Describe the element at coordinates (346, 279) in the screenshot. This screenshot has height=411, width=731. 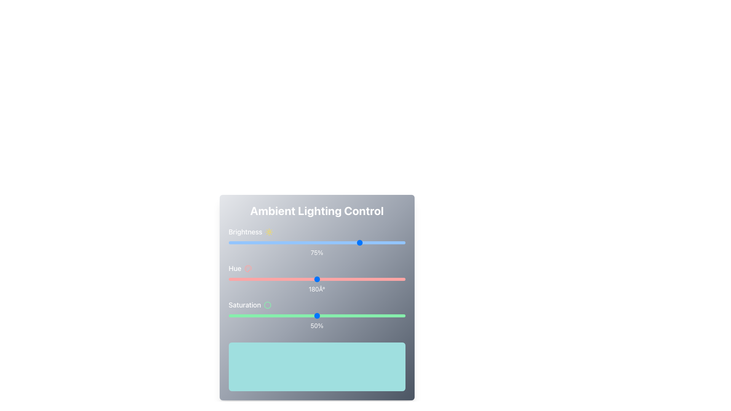
I see `hue` at that location.